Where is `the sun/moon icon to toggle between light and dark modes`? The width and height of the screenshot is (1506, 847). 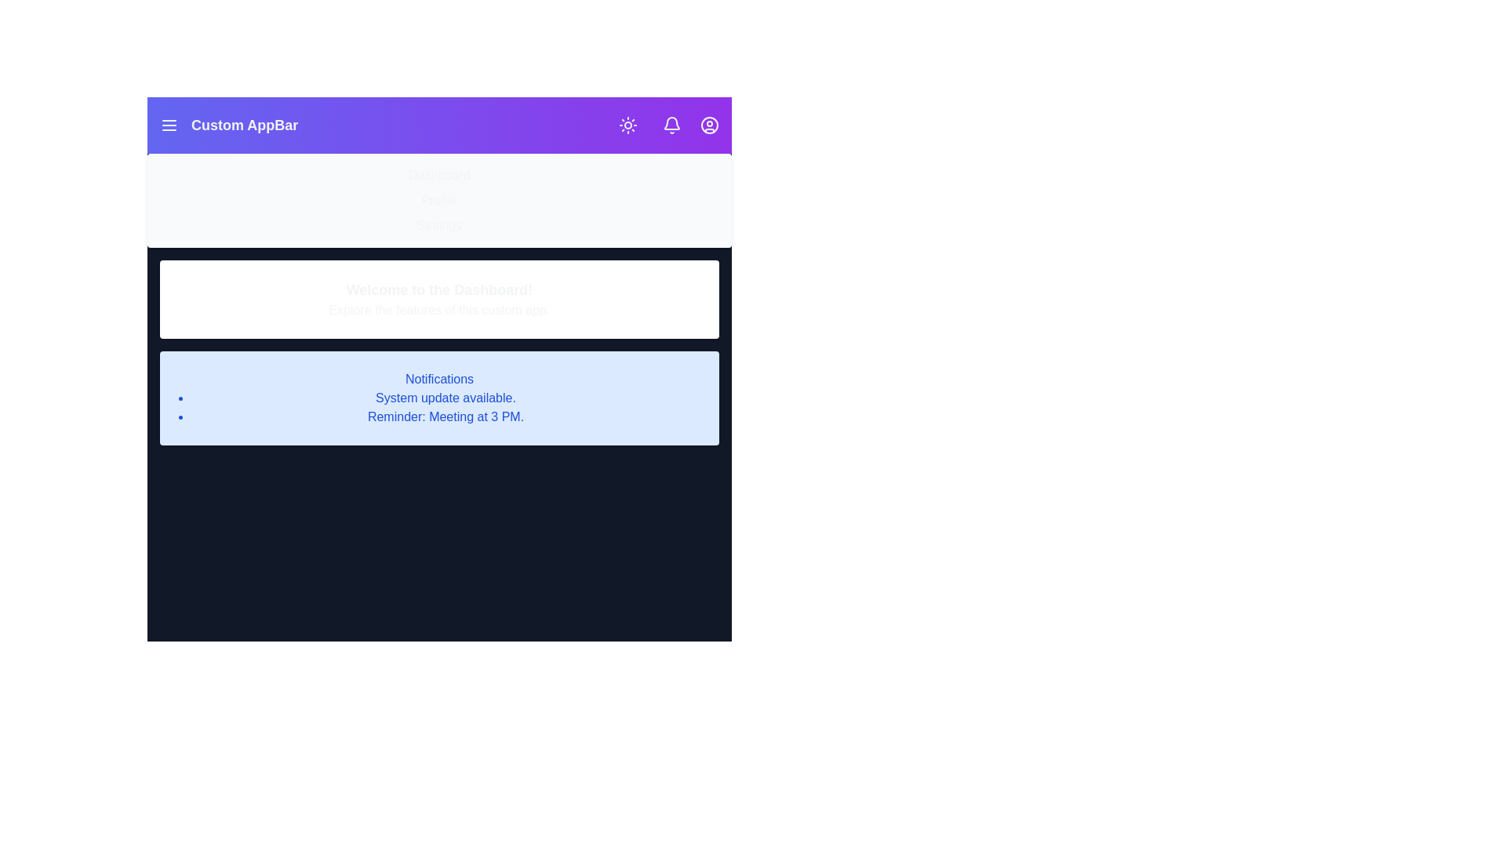 the sun/moon icon to toggle between light and dark modes is located at coordinates (628, 124).